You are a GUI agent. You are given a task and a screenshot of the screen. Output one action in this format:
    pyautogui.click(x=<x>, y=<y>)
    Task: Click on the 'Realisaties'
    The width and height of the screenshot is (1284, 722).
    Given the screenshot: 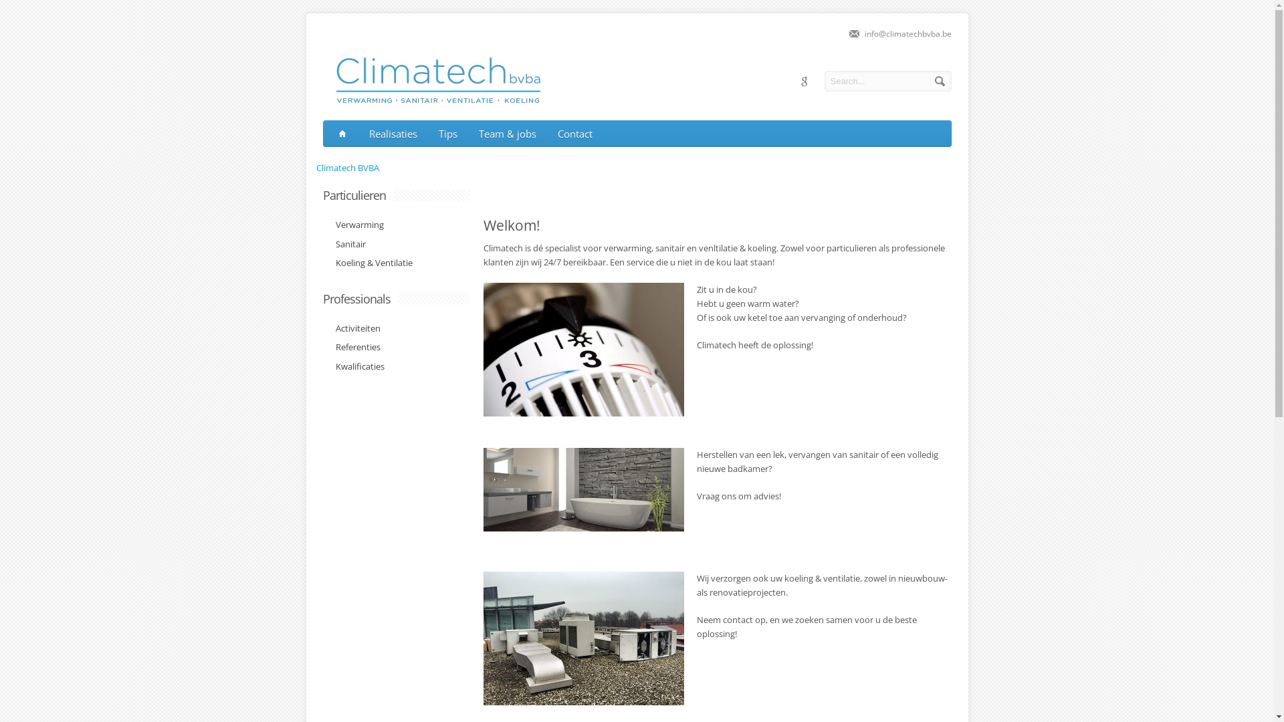 What is the action you would take?
    pyautogui.click(x=393, y=134)
    